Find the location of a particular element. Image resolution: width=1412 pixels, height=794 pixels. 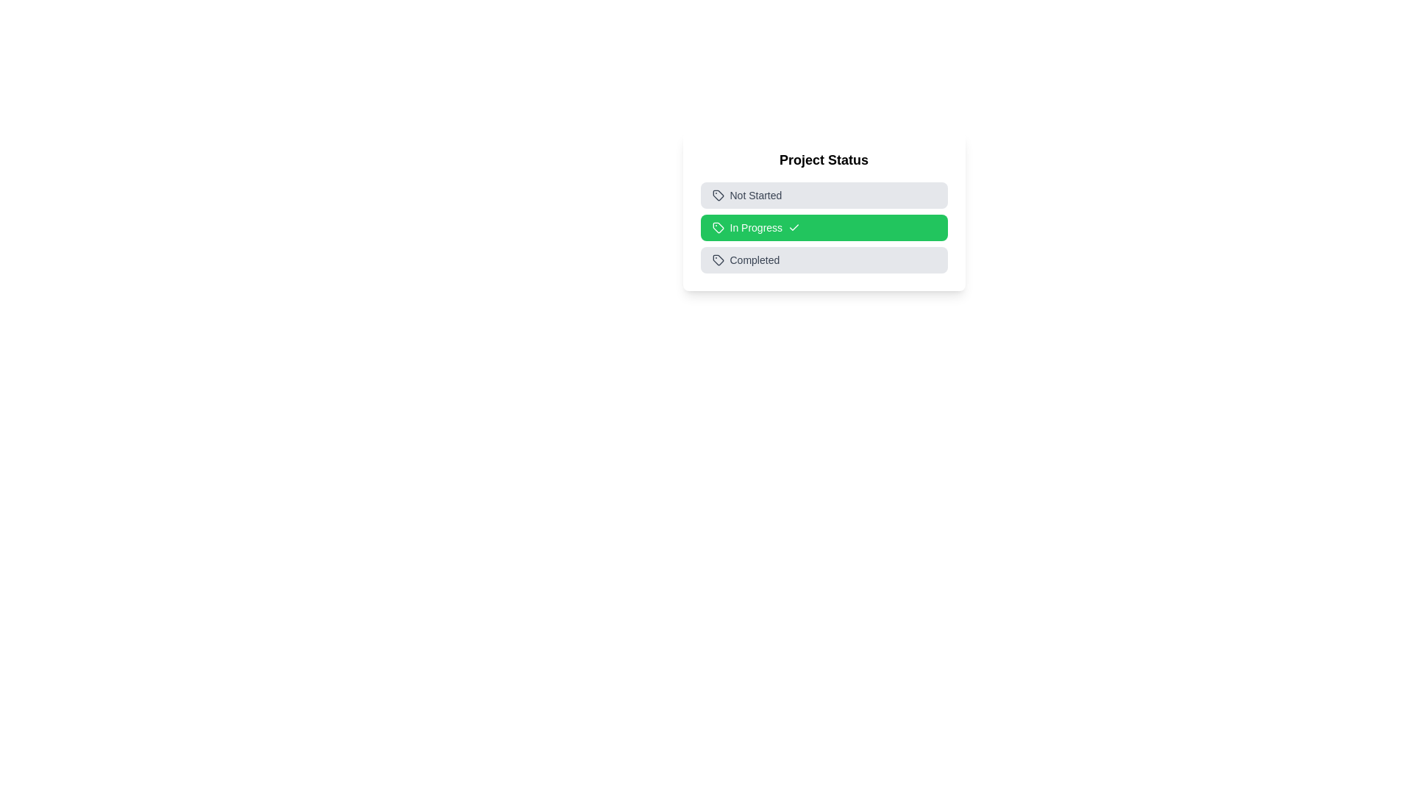

the status chip labeled Completed as the active status is located at coordinates (824, 260).